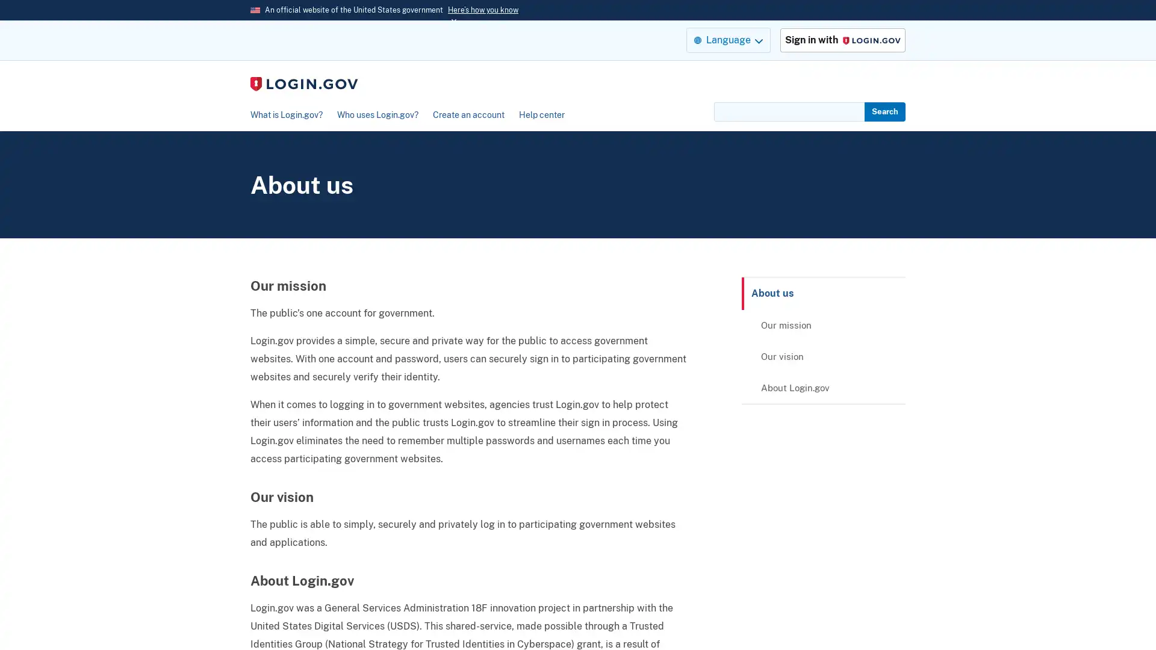 This screenshot has height=650, width=1156. What do you see at coordinates (727, 39) in the screenshot?
I see `Language` at bounding box center [727, 39].